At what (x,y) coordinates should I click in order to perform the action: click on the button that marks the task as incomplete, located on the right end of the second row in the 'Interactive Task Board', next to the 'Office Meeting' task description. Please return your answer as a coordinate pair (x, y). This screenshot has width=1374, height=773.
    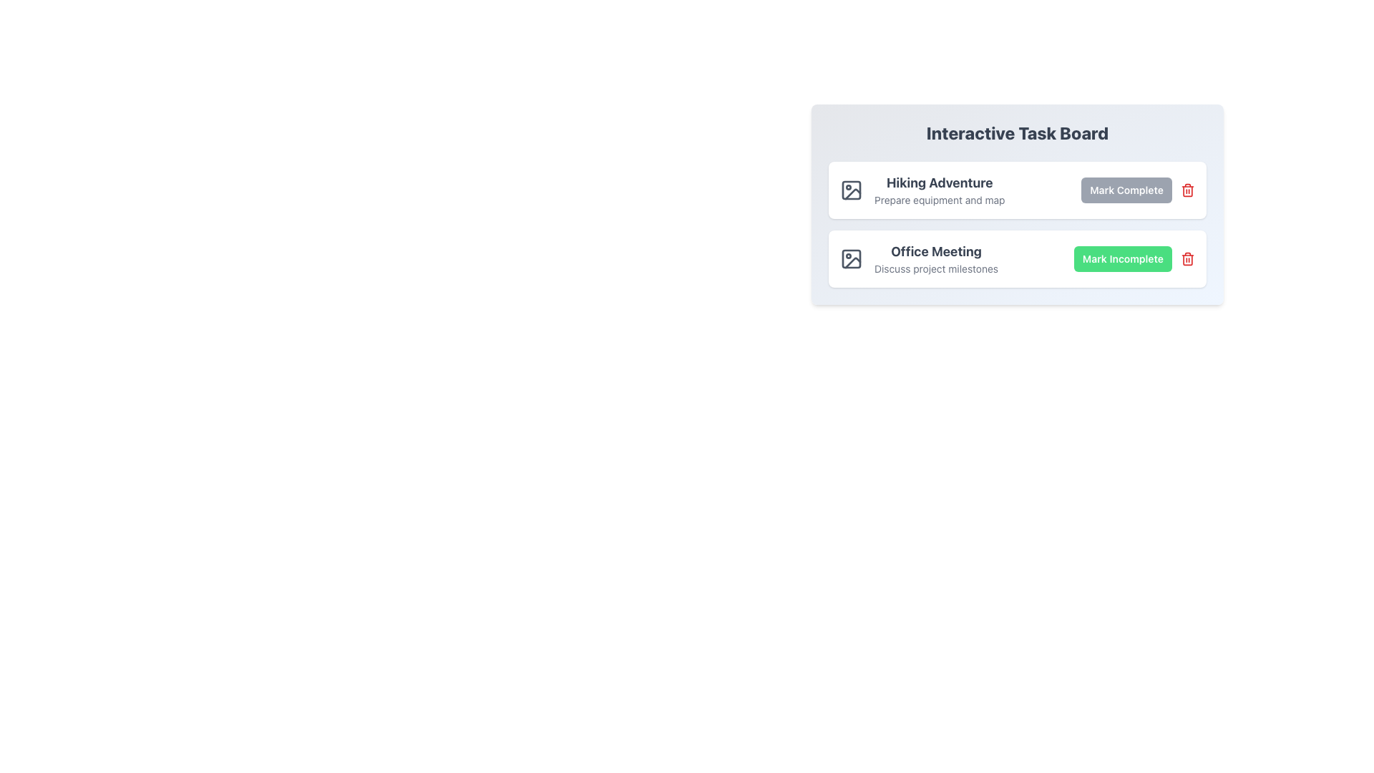
    Looking at the image, I should click on (1122, 259).